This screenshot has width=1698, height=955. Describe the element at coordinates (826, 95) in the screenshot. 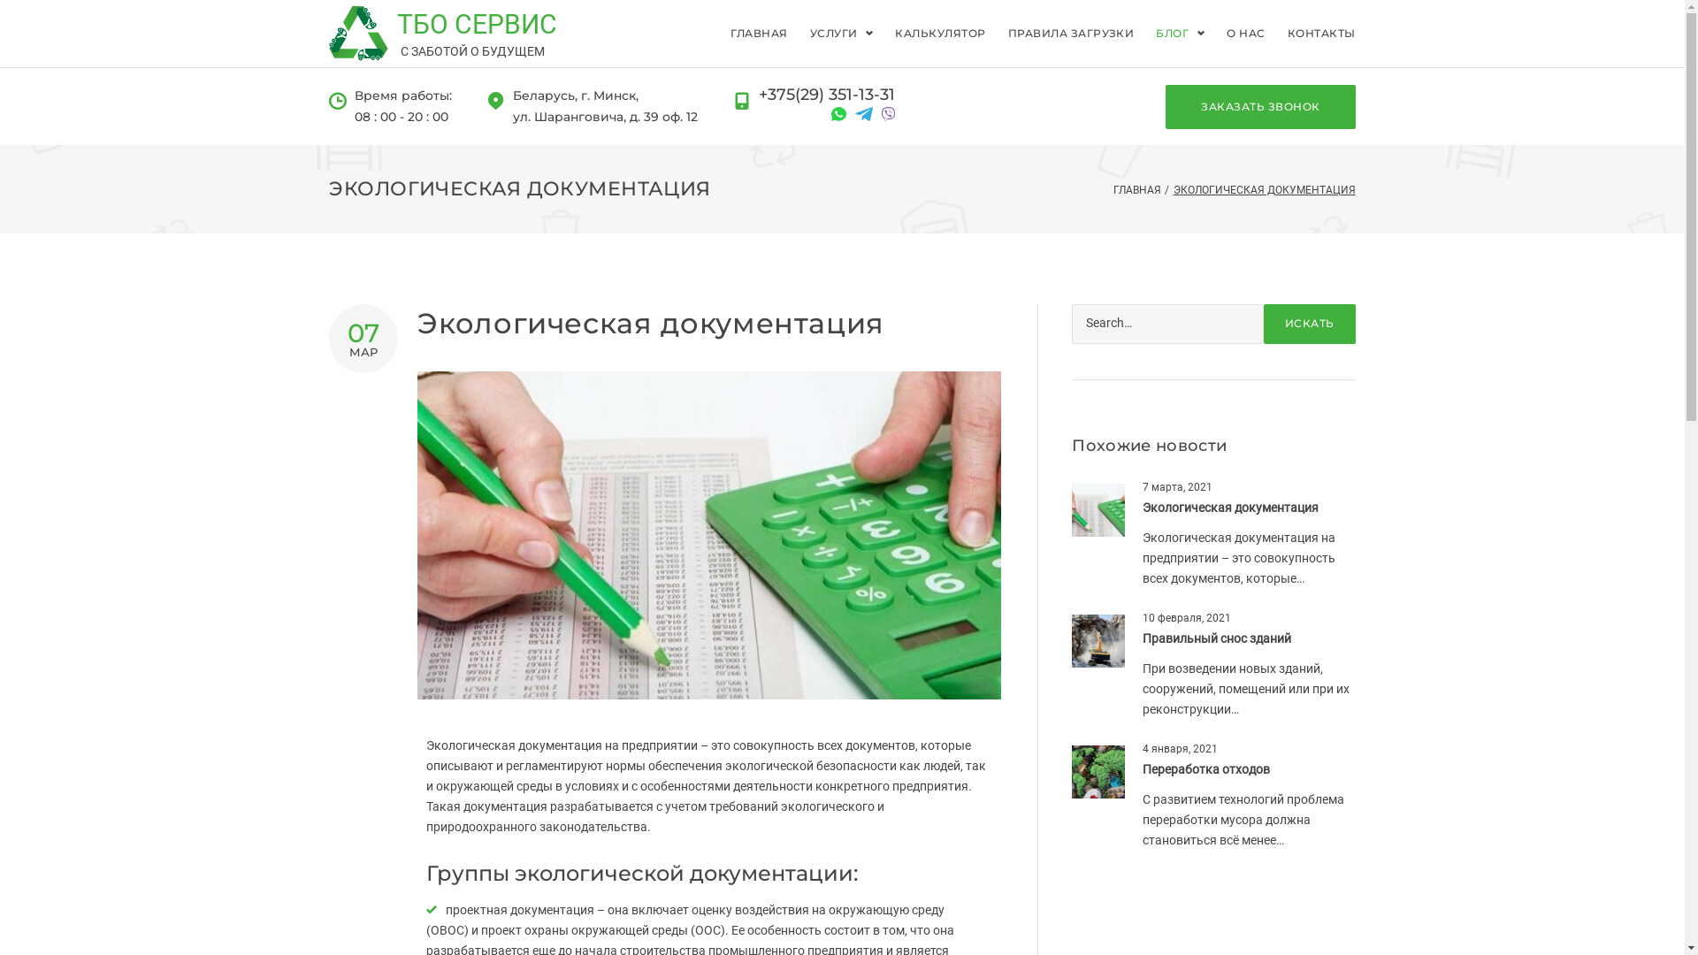

I see `'+375(29) 351-13-31'` at that location.